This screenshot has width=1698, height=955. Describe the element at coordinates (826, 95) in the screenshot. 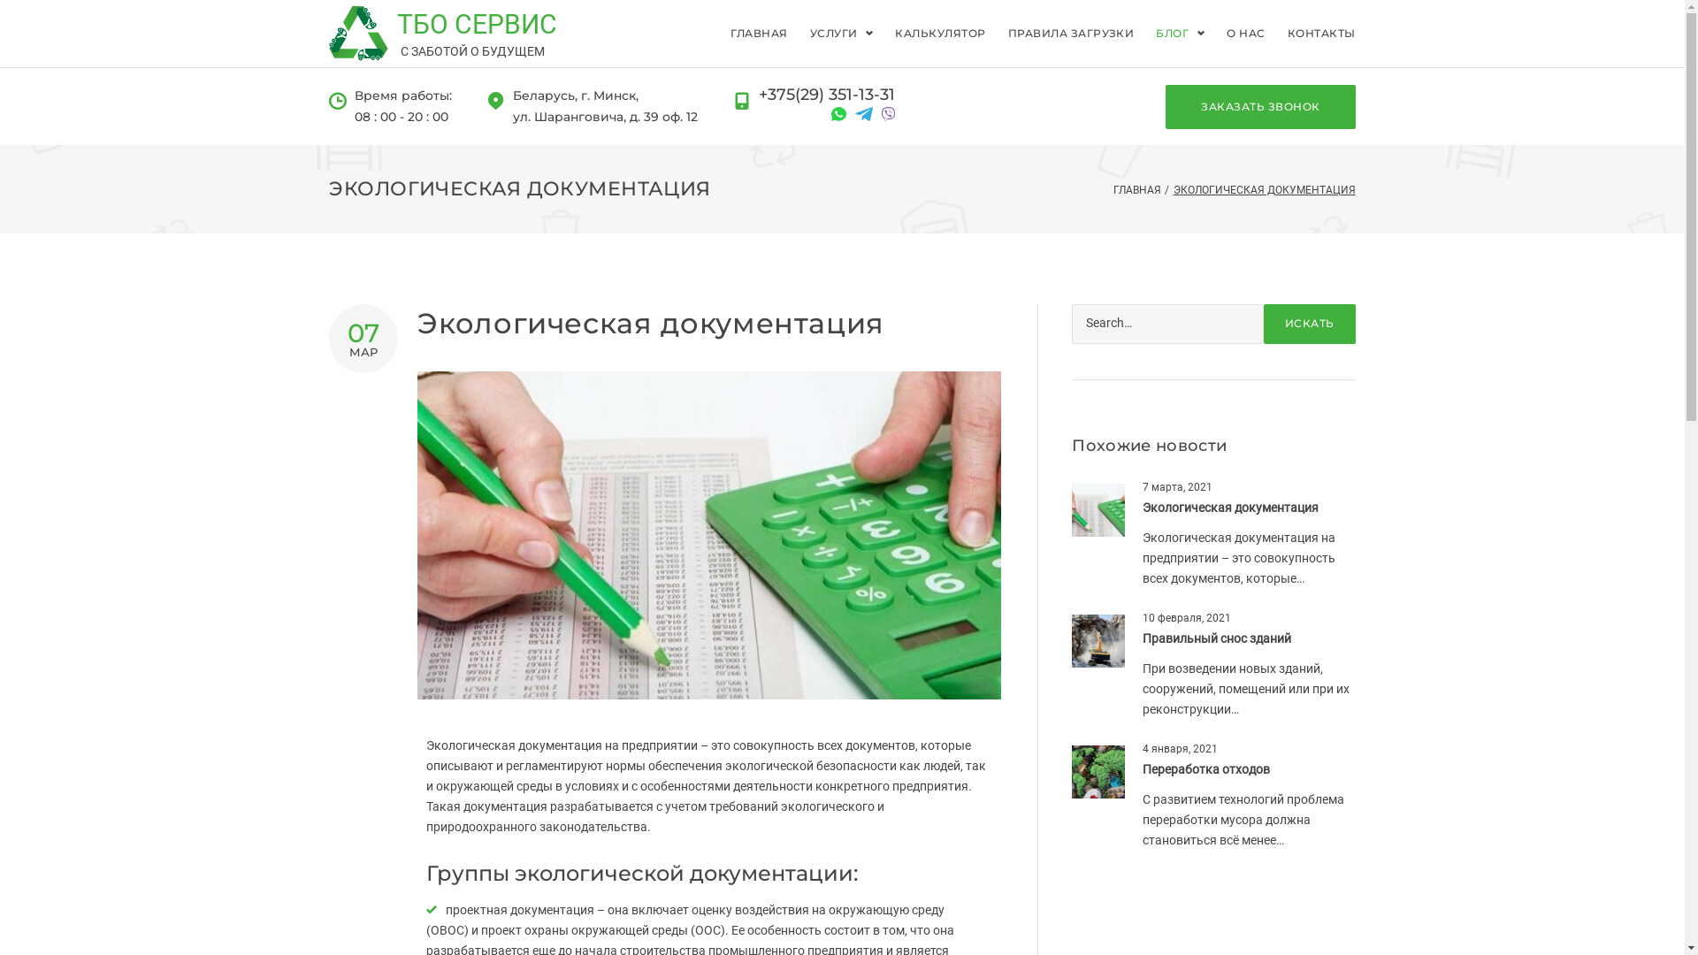

I see `'+375(29) 351-13-31'` at that location.